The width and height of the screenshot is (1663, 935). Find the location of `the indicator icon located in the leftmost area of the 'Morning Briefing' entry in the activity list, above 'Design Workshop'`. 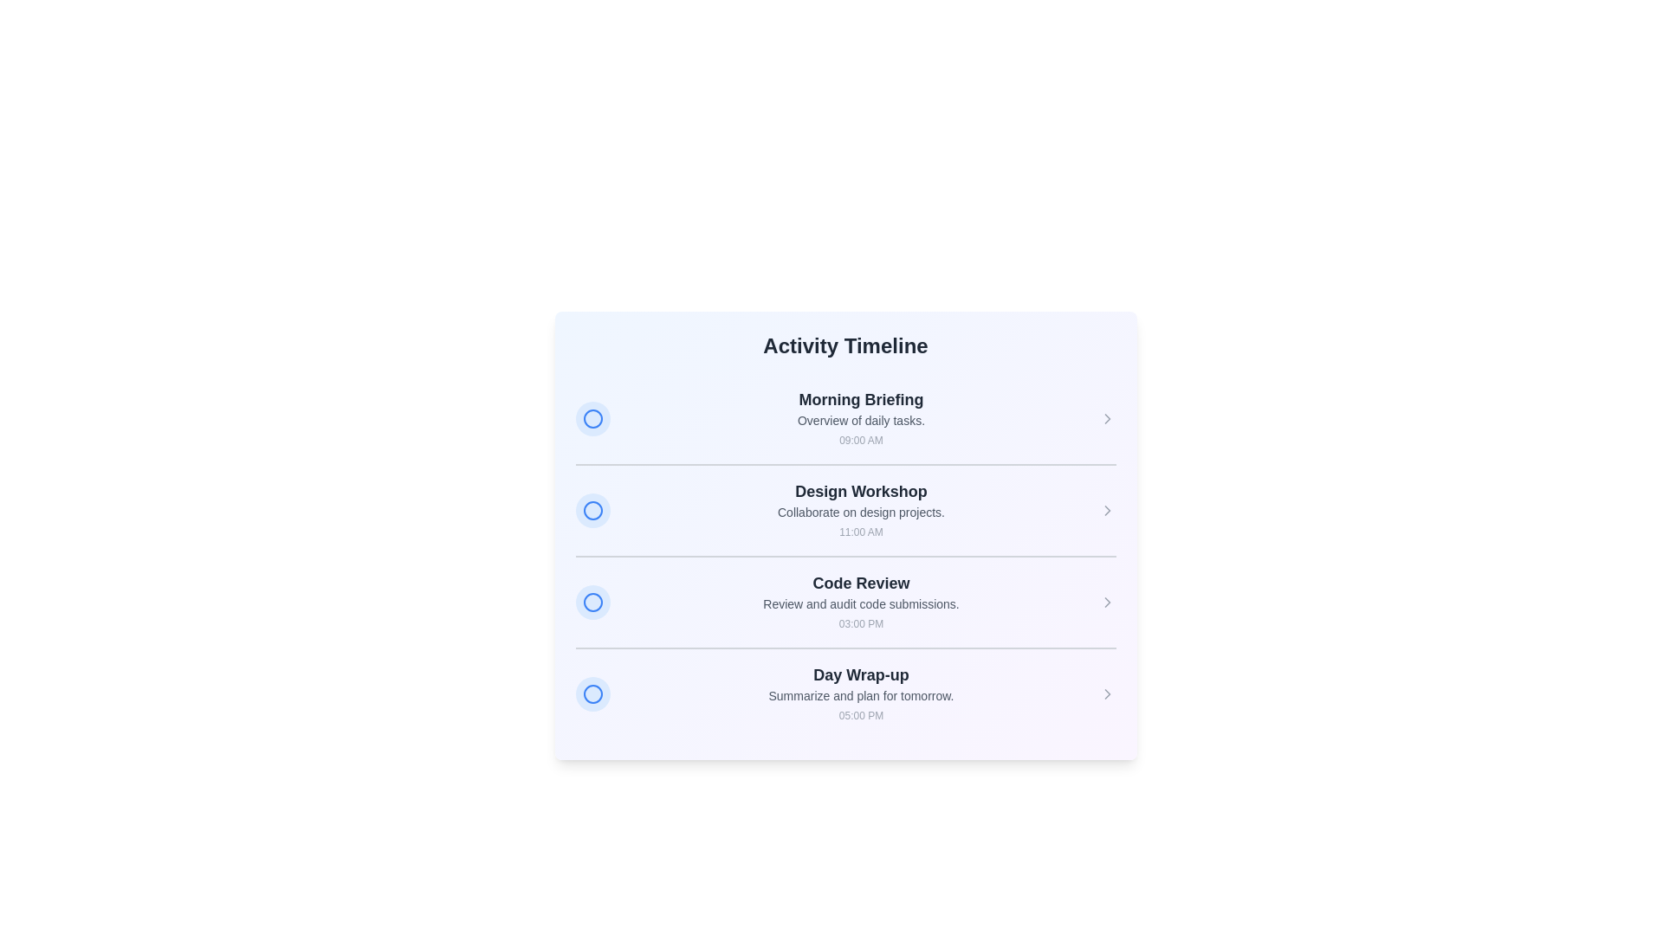

the indicator icon located in the leftmost area of the 'Morning Briefing' entry in the activity list, above 'Design Workshop' is located at coordinates (592, 418).